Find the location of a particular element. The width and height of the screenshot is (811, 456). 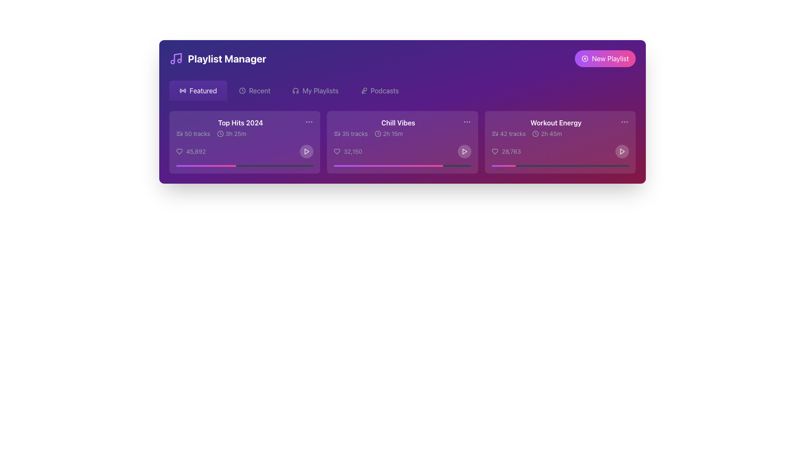

playlist name and details from the 'Chill Vibes' card, which includes the title in bold white text and additional information about the number of tracks and duration is located at coordinates (402, 128).